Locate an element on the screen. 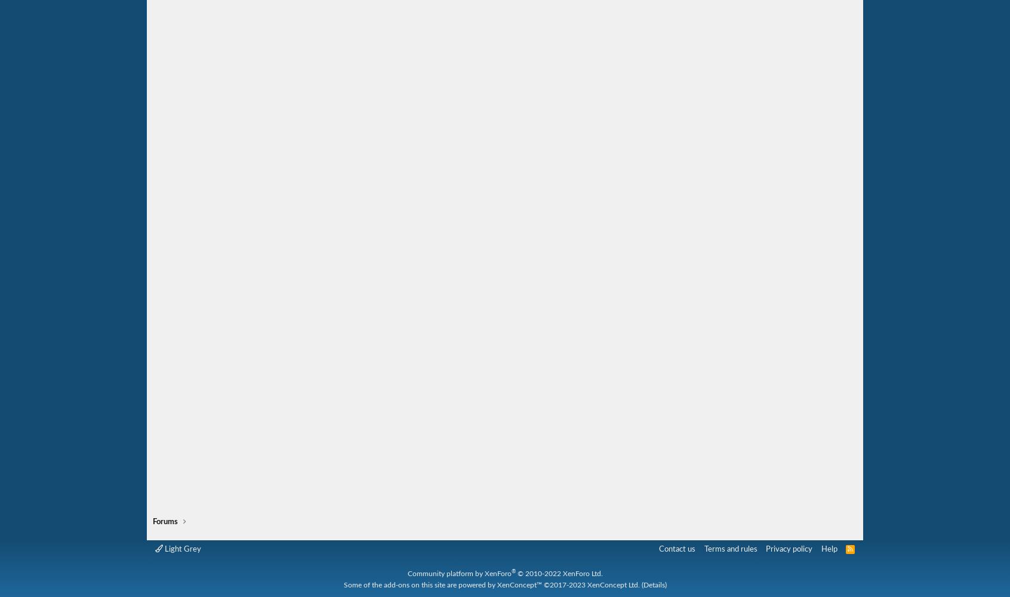  '©2017-2023' is located at coordinates (541, 584).